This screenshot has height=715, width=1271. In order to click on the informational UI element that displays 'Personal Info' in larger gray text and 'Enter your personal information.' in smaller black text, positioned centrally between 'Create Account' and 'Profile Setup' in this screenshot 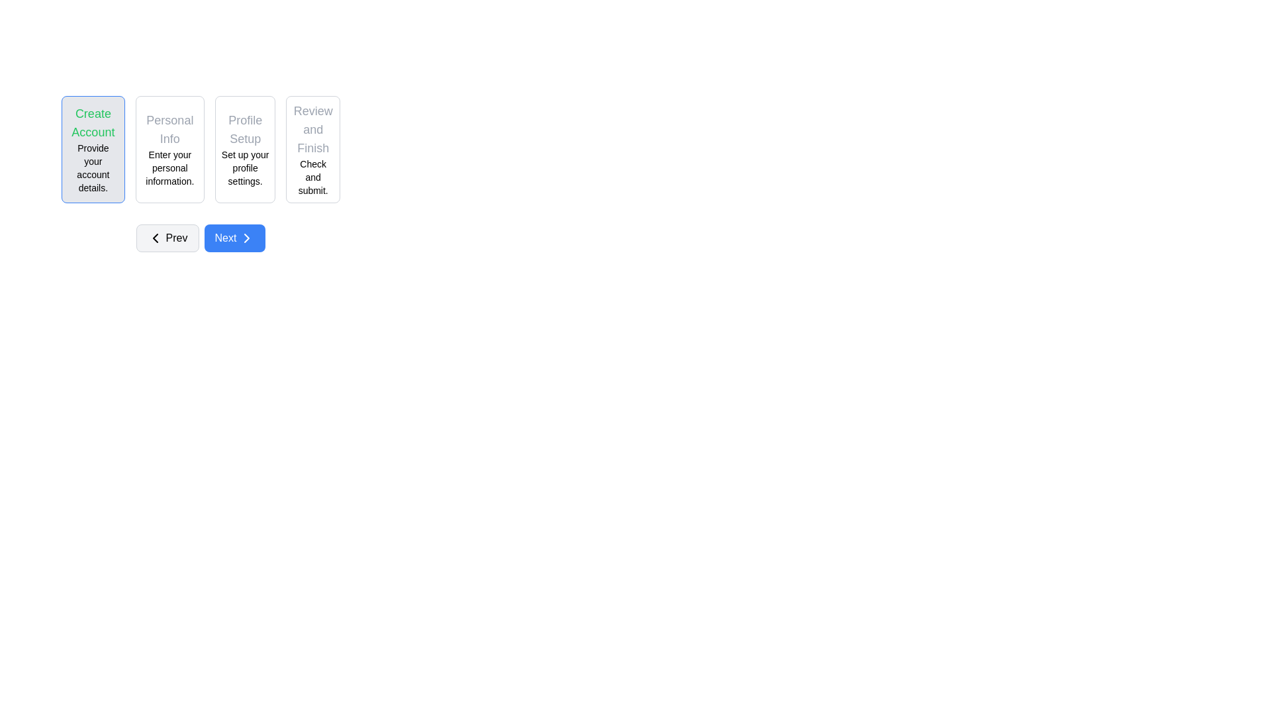, I will do `click(169, 149)`.